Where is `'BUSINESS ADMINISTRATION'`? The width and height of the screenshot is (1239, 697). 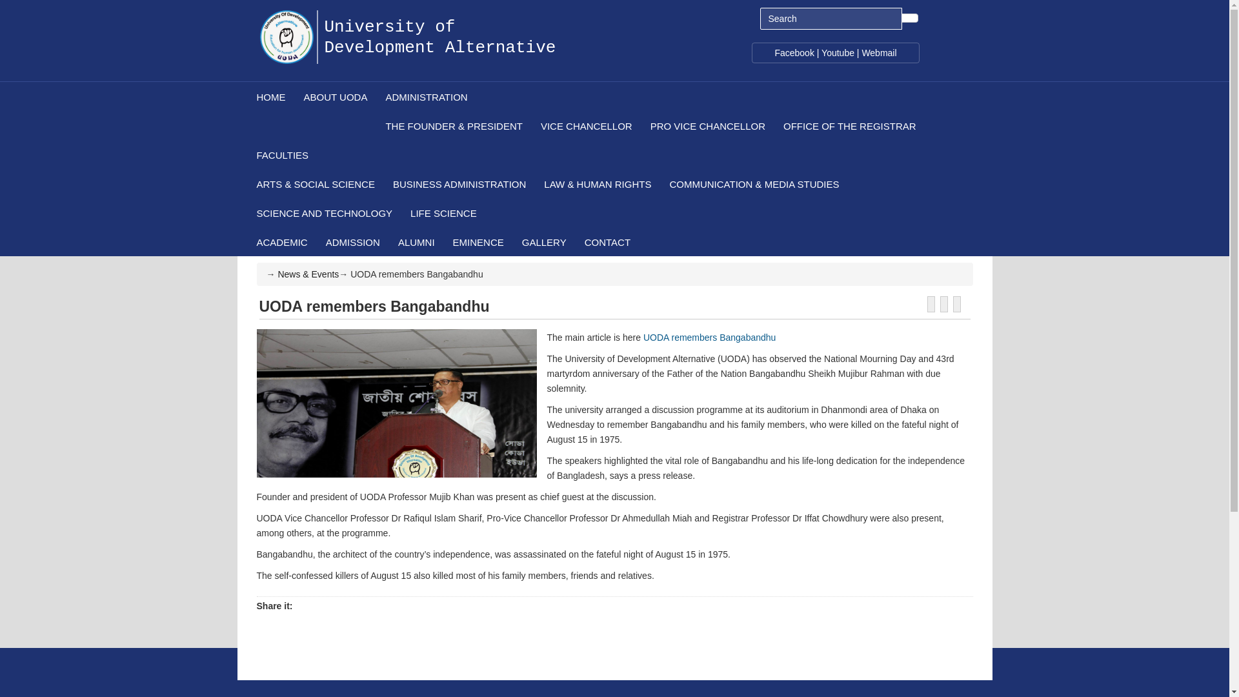
'BUSINESS ADMINISTRATION' is located at coordinates (458, 183).